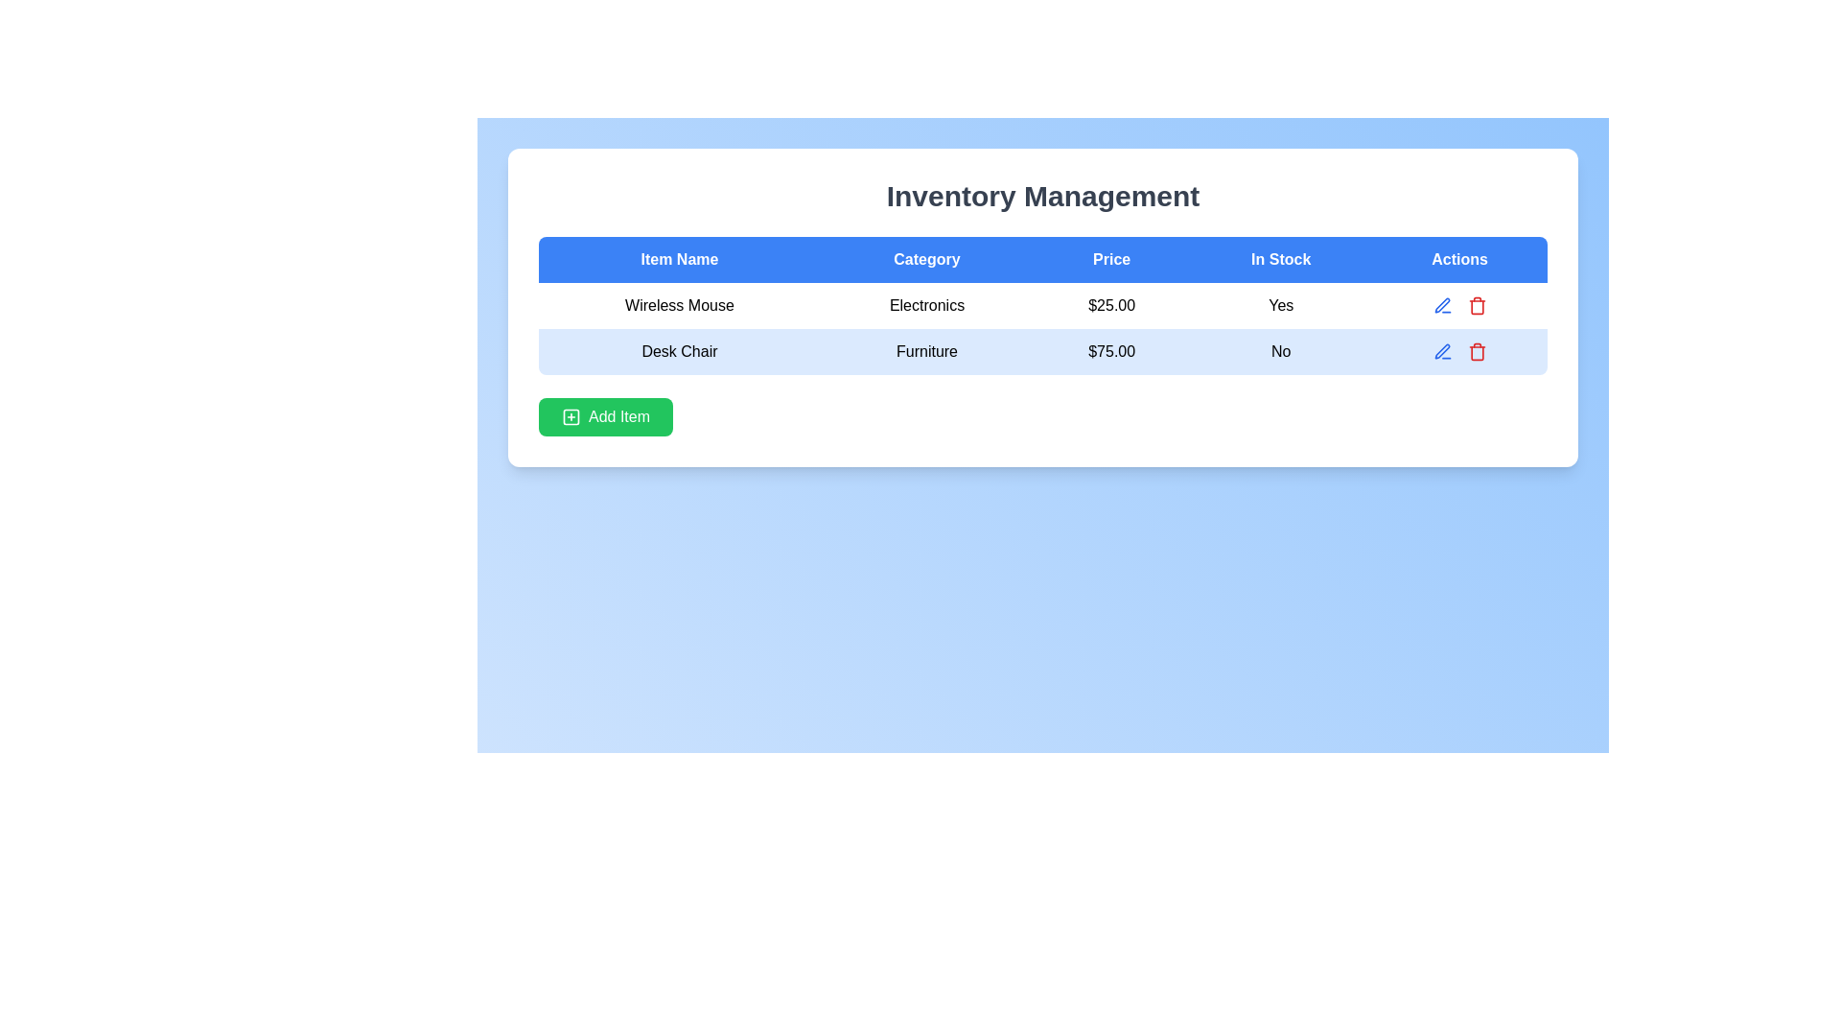 The height and width of the screenshot is (1036, 1841). Describe the element at coordinates (926, 351) in the screenshot. I see `text of the 'Furniture' label located in the second row of the inventory table under the 'Category' column` at that location.